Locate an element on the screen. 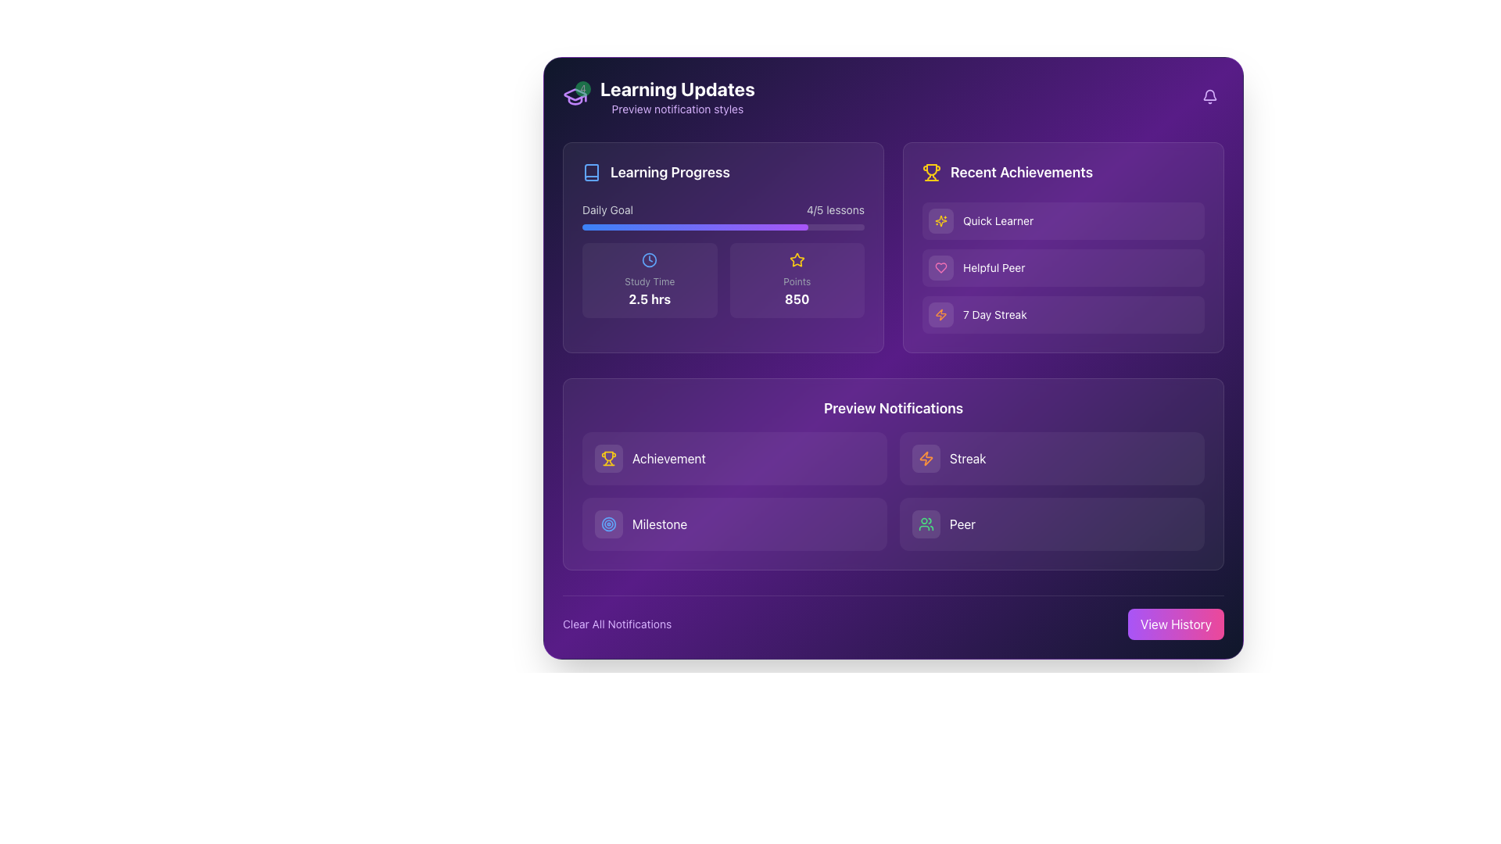 Image resolution: width=1501 pixels, height=844 pixels. the Display card that visually represents accumulated points, located under the 'Learning Progress' section as the rightmost element in a two-column layout is located at coordinates (797, 279).